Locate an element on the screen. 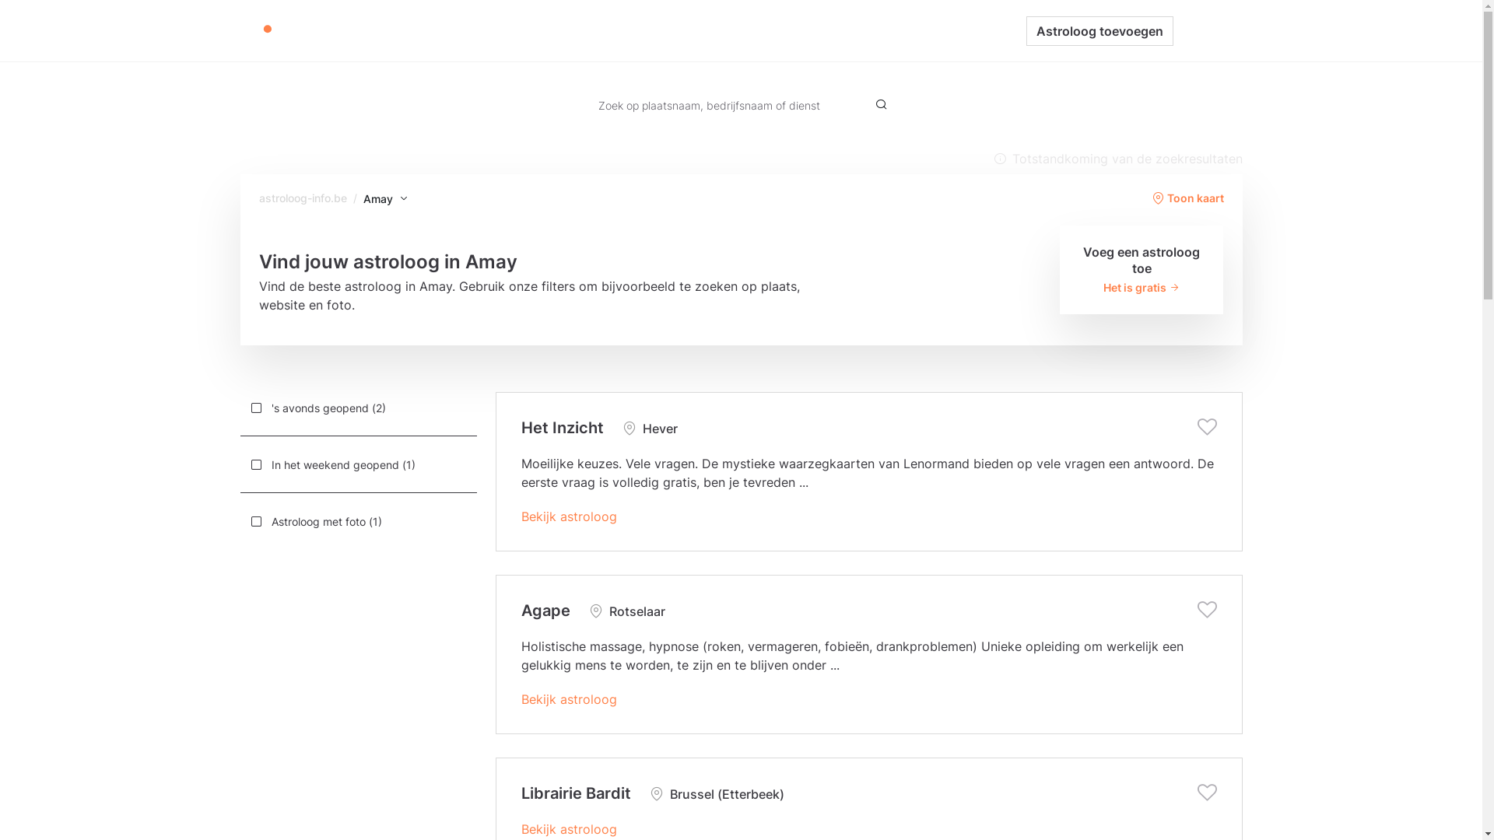  'Artikelen' is located at coordinates (737, 30).